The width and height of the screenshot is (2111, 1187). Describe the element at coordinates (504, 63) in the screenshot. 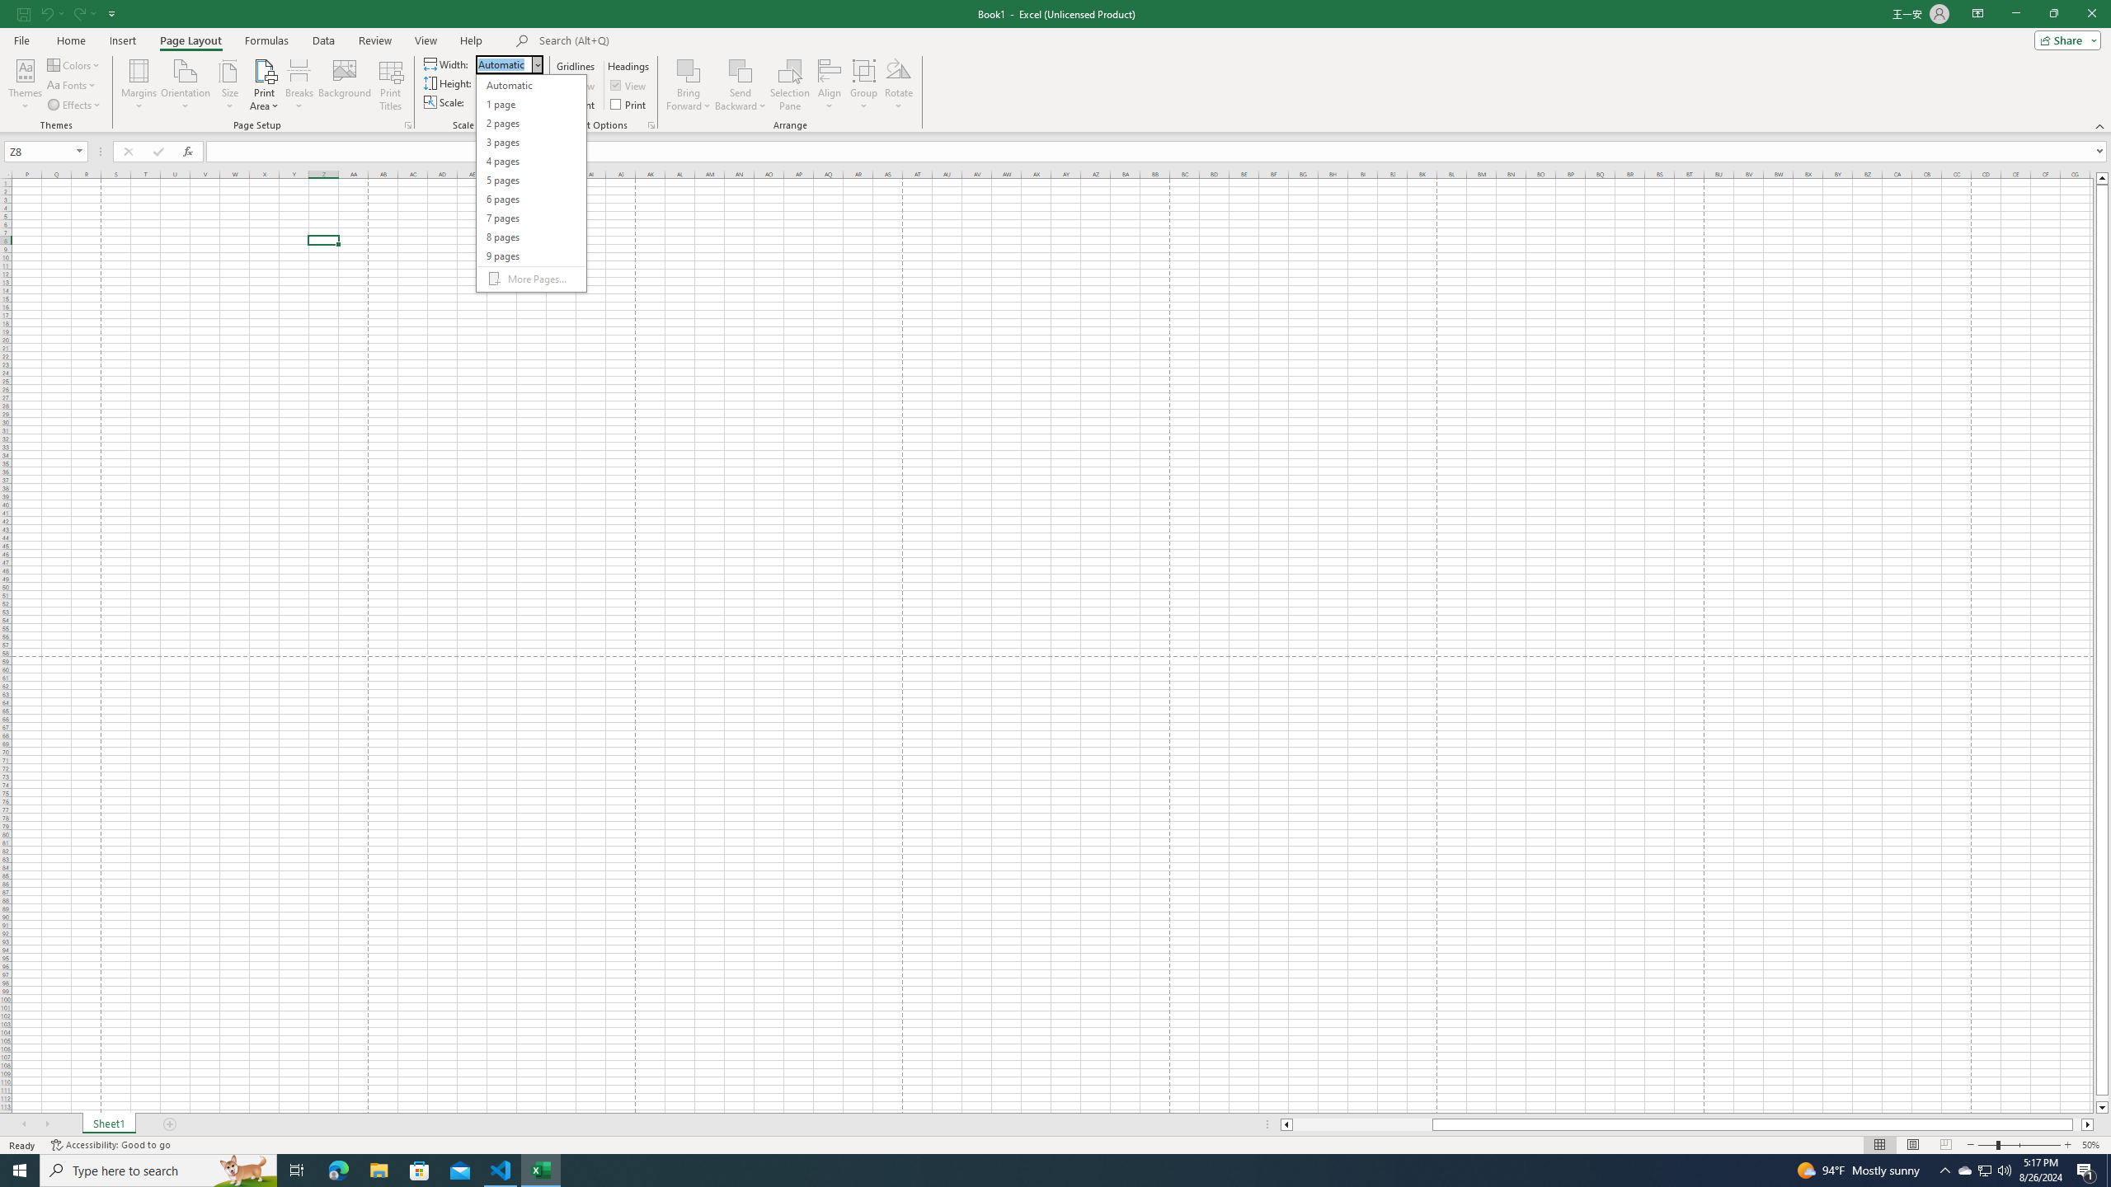

I see `'Width'` at that location.